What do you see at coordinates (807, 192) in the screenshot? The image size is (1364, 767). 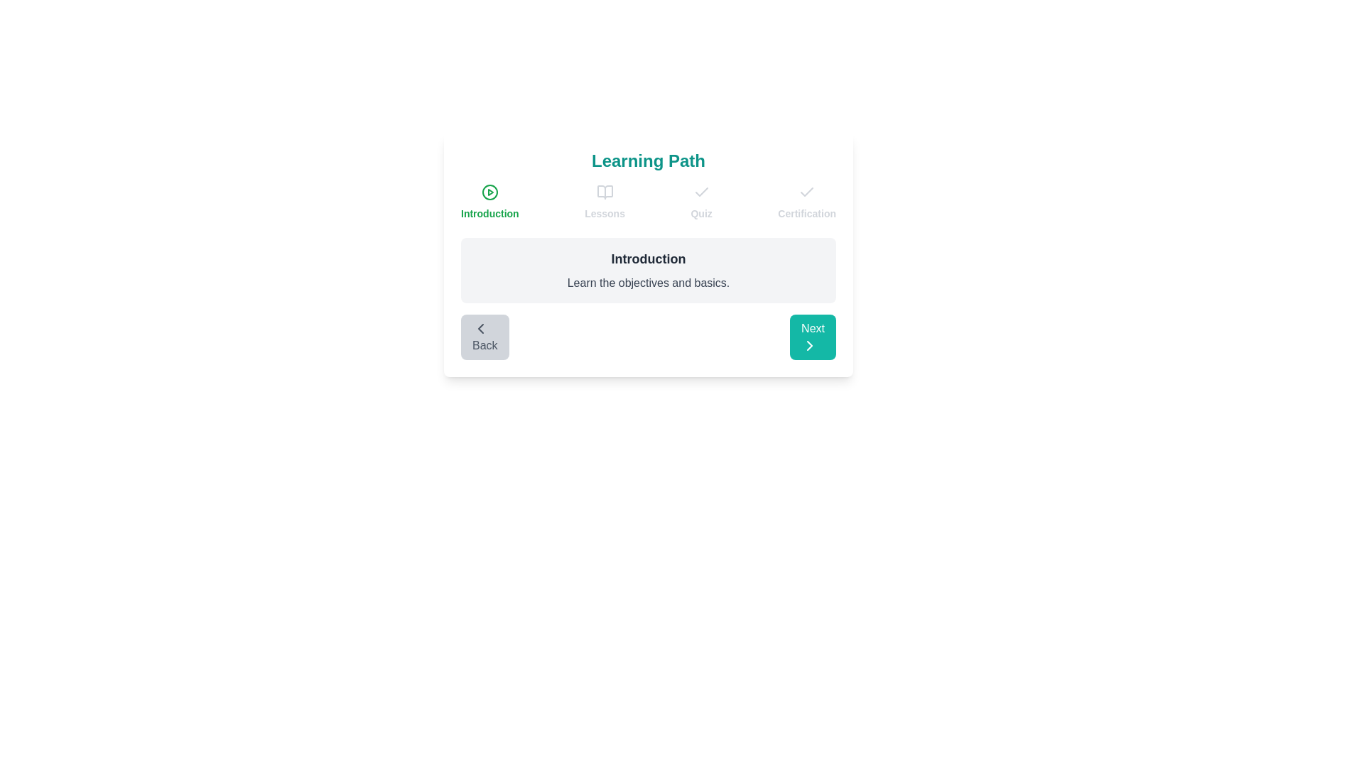 I see `the step icon for Certification to view its tooltip` at bounding box center [807, 192].